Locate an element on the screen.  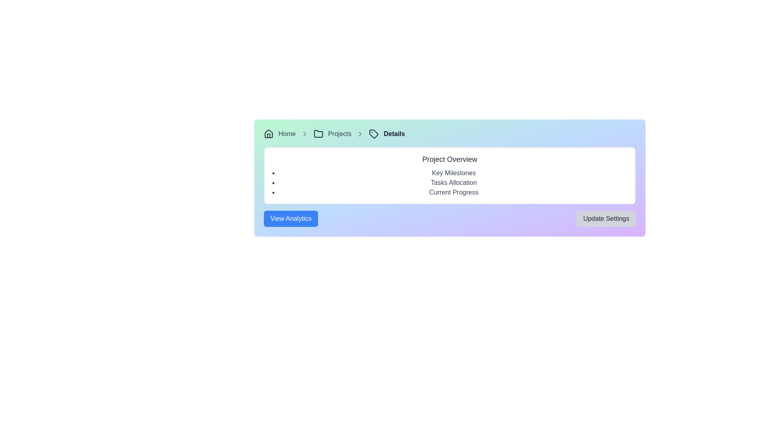
the 'Projects' icon in the breadcrumb navigation, which is located between a chevron icon and the text 'Projects' is located at coordinates (318, 133).